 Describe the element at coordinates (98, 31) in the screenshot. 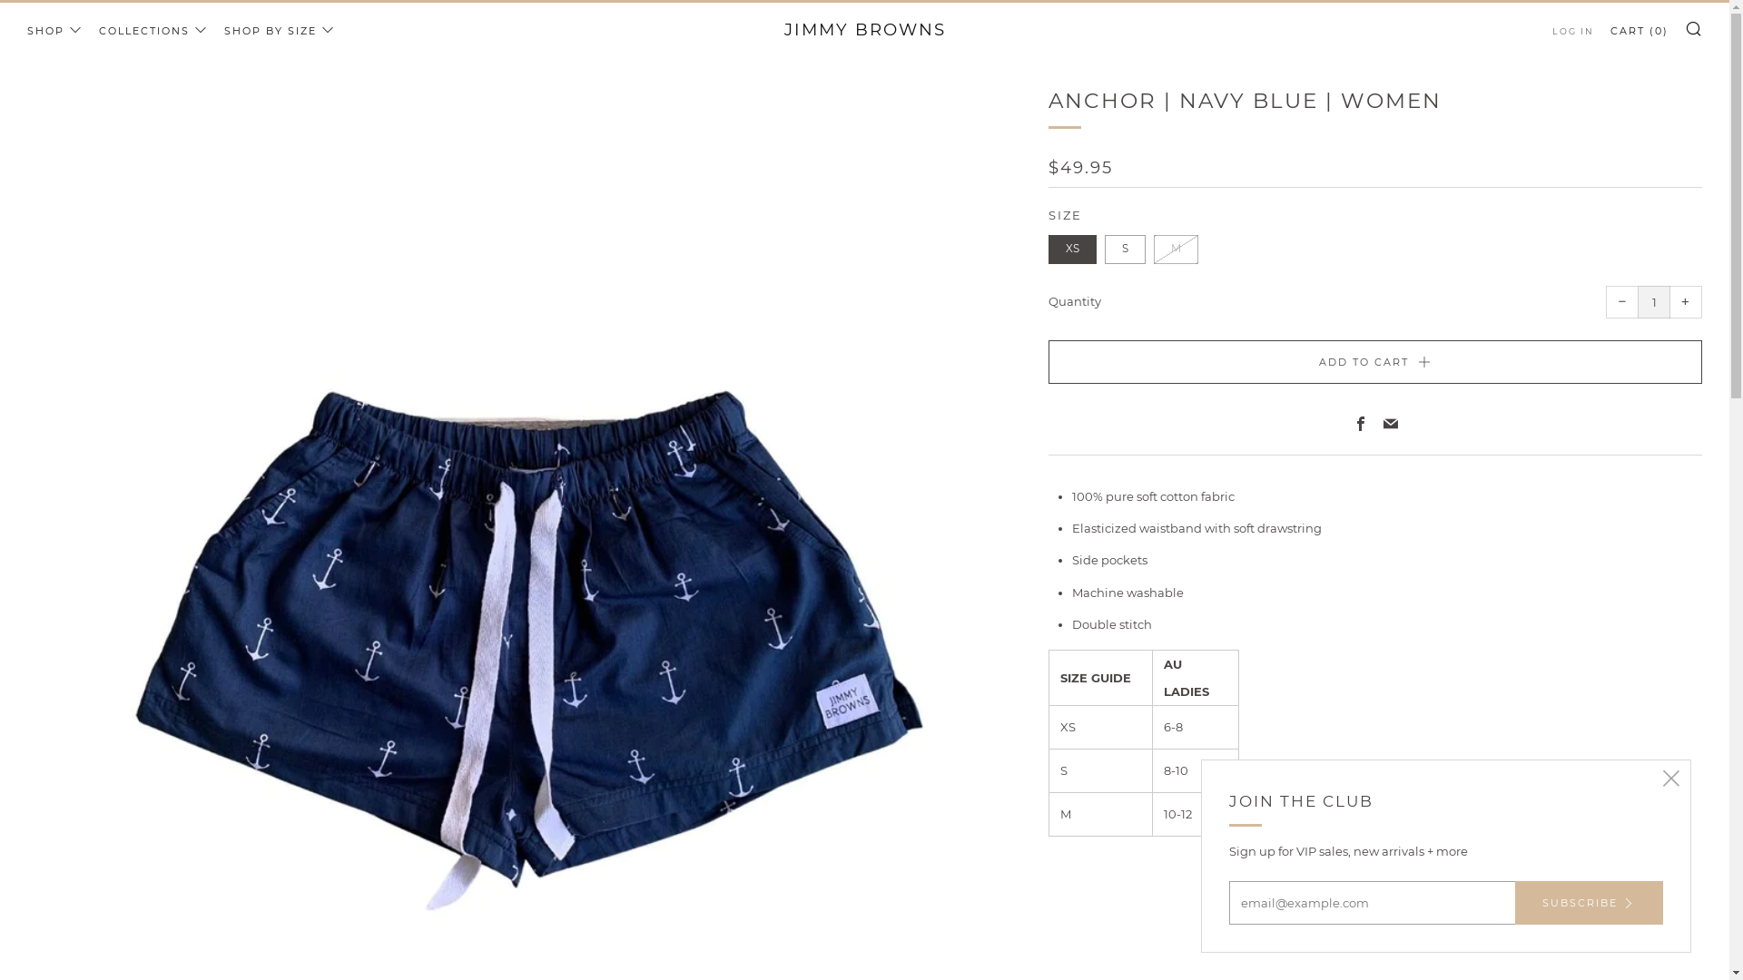

I see `'COLLECTIONS'` at that location.